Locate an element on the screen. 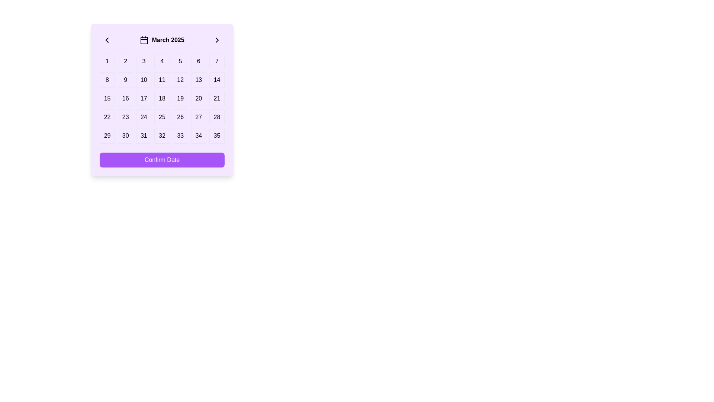  the visual representation of the 20th day in the calendar interface, located in the third row and sixth column of the grid under 'March 2025' is located at coordinates (199, 98).